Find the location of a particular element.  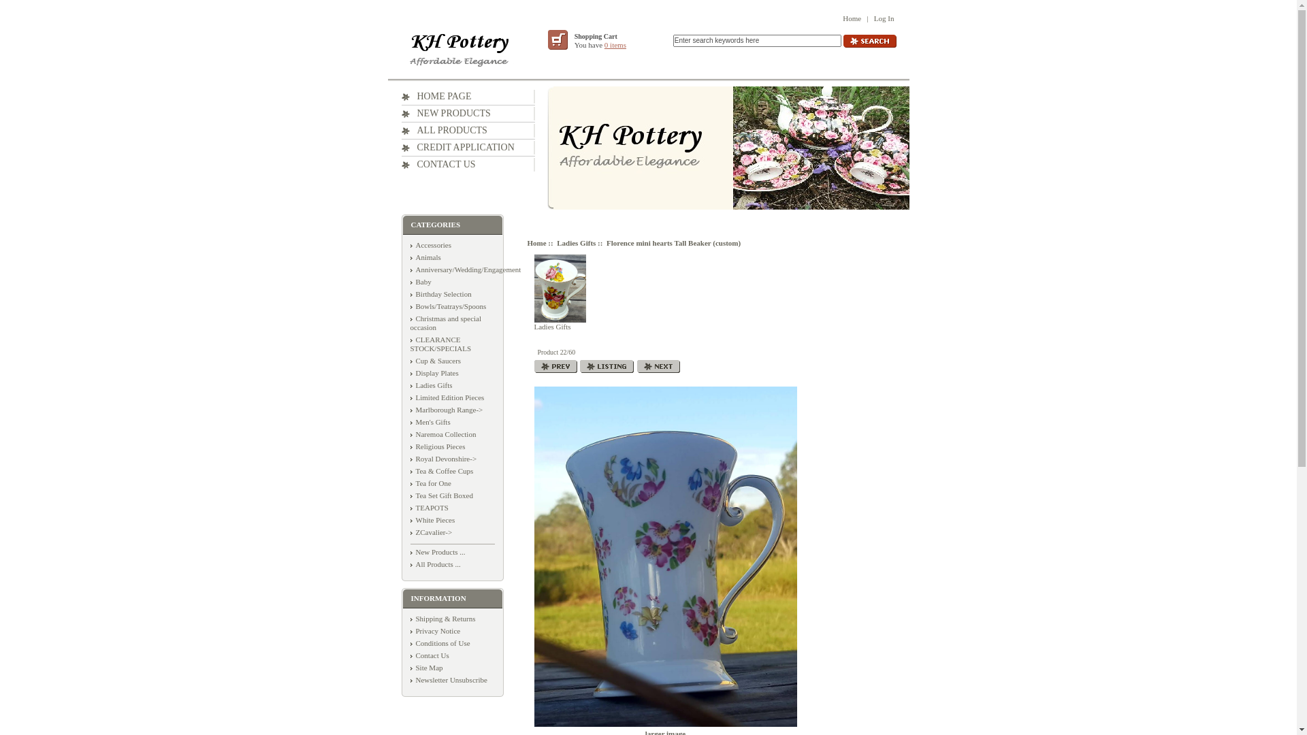

'Ladies Gifts' is located at coordinates (559, 291).